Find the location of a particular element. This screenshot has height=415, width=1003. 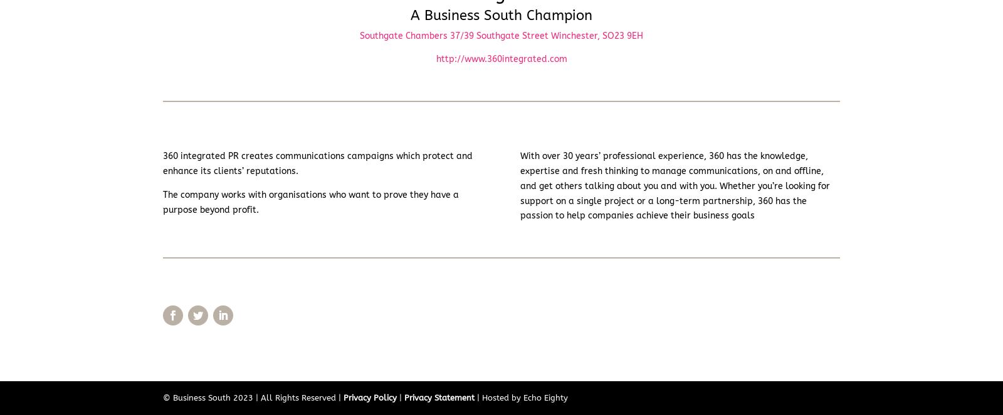

'|' is located at coordinates (401, 397).